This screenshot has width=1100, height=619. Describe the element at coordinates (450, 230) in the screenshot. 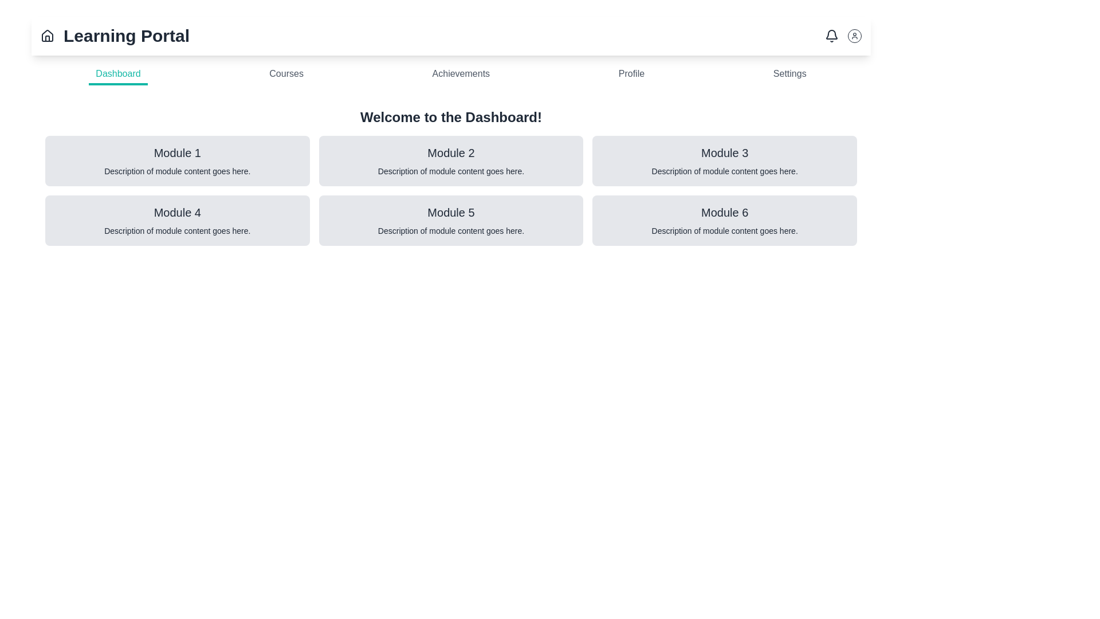

I see `the static text label that reads 'Description of module content goes here.' located below the 'Module 5' header in the card layout` at that location.